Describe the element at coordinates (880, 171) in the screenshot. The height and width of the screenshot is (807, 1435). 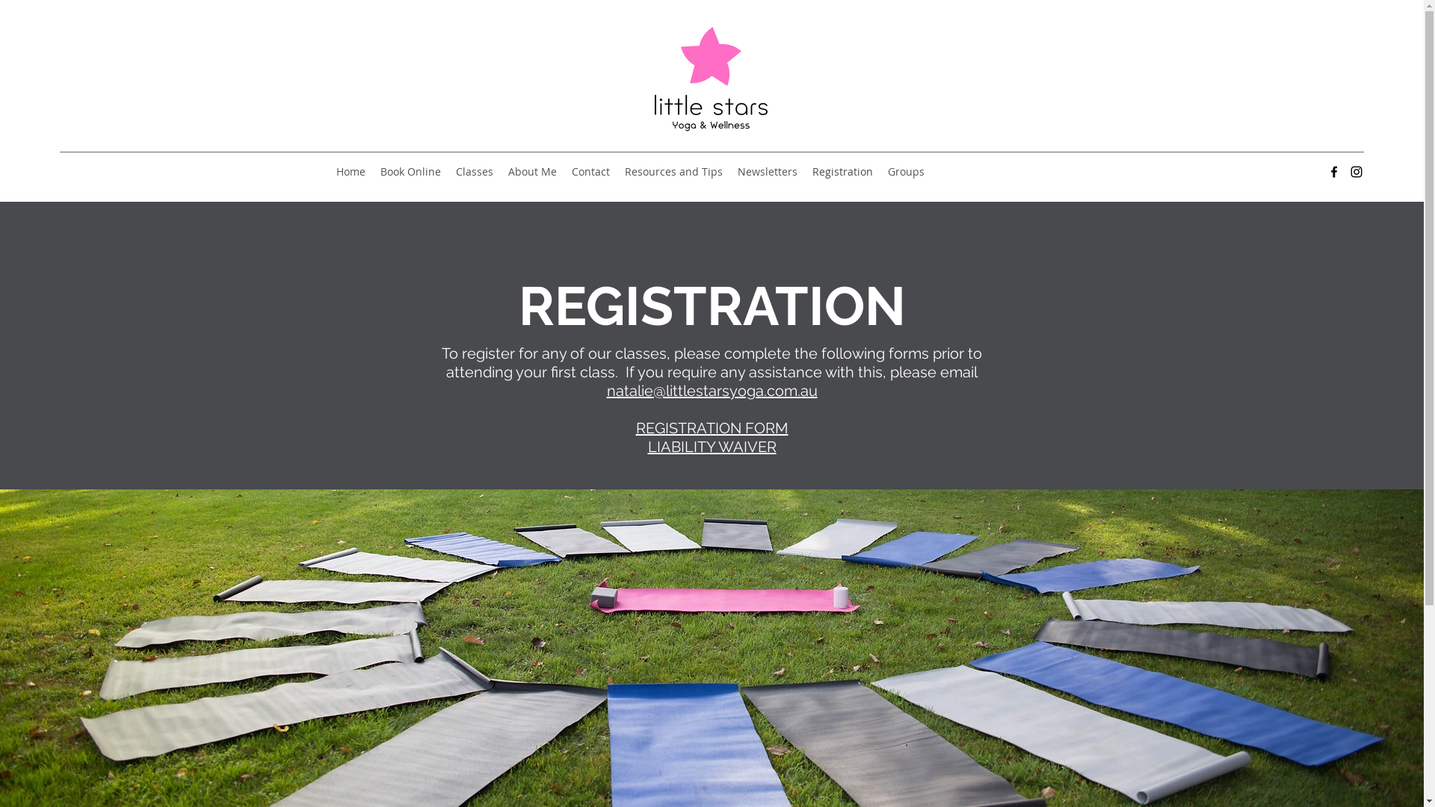
I see `'Groups'` at that location.